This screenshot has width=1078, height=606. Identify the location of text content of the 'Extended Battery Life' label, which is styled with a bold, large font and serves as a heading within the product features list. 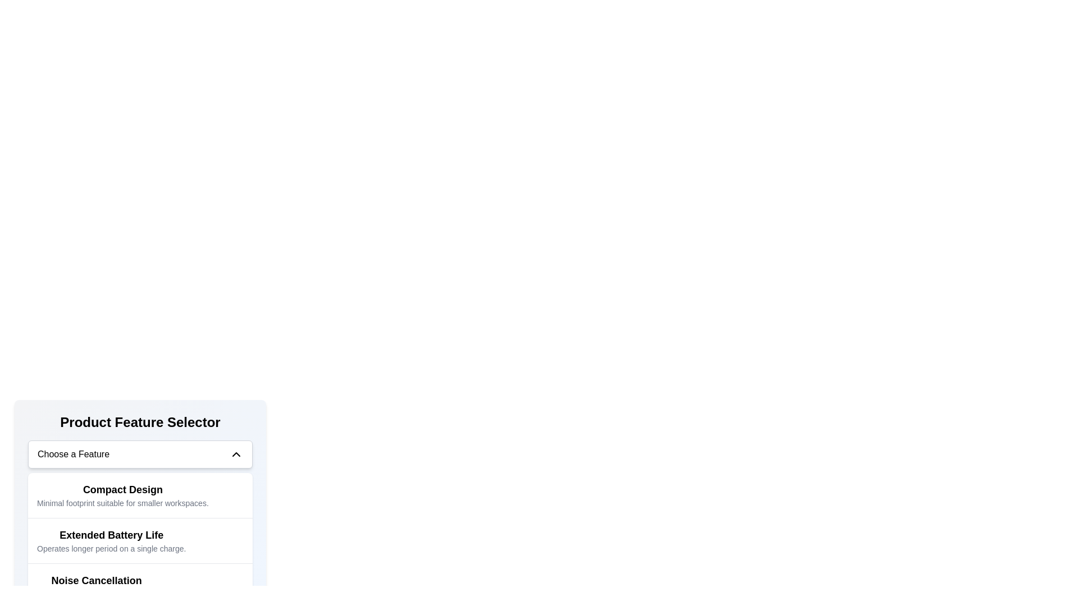
(111, 534).